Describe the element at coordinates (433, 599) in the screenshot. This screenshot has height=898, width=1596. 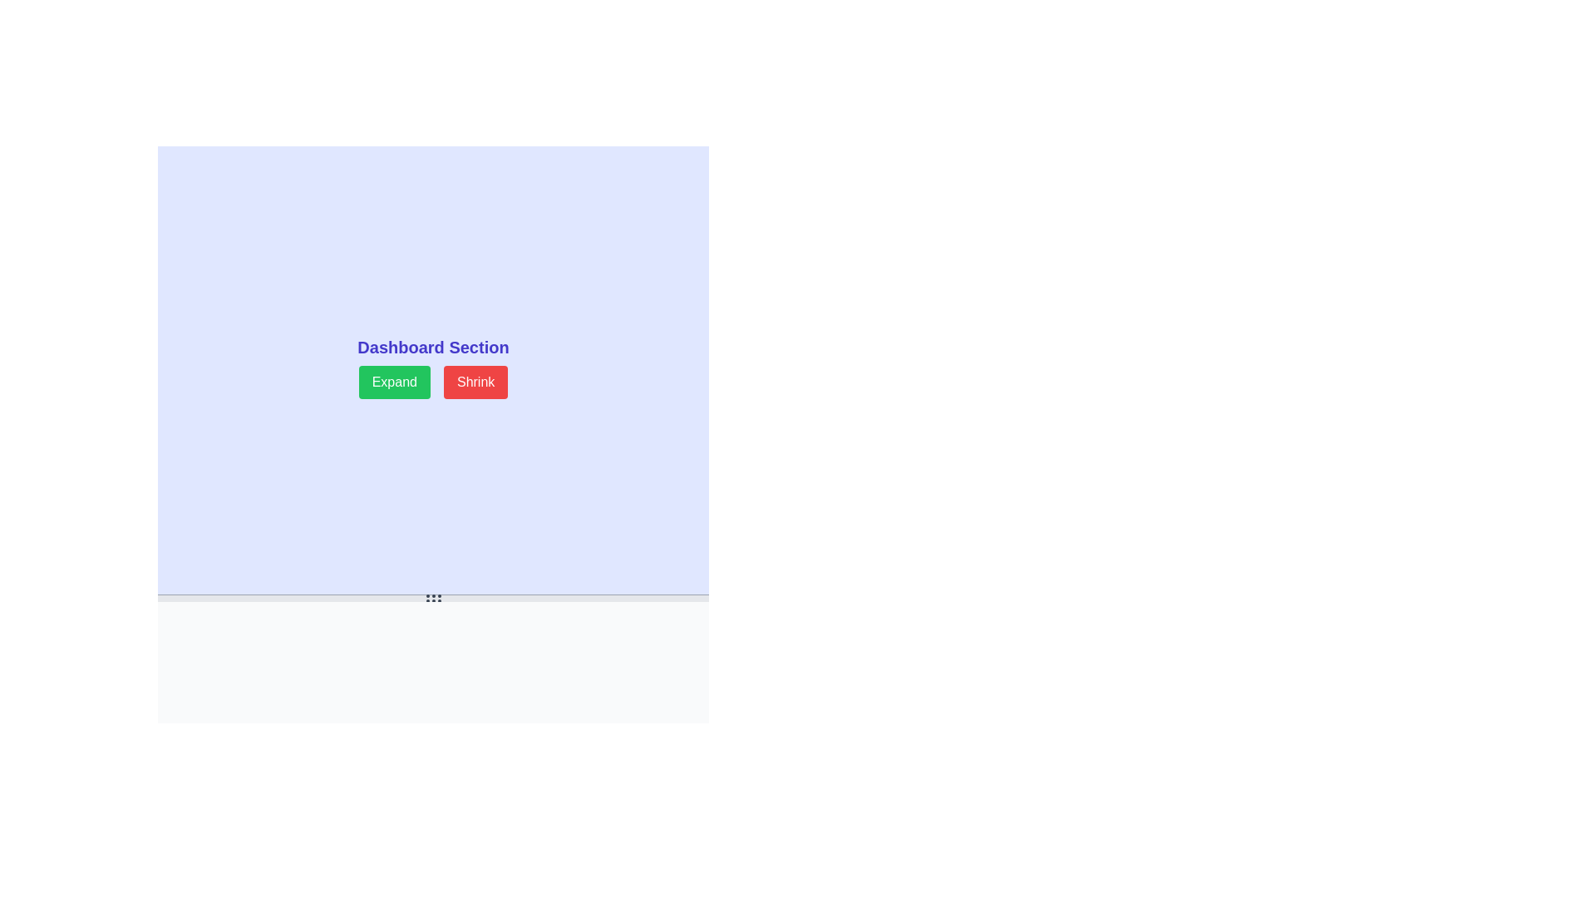
I see `and drag the drag handle, which consists of six circular gray dots arranged in two rows, located near the bottom center of the interface` at that location.